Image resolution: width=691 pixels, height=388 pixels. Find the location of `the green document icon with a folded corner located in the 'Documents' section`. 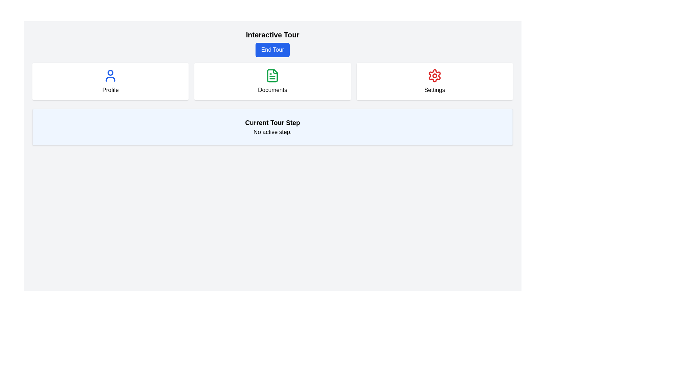

the green document icon with a folded corner located in the 'Documents' section is located at coordinates (272, 76).